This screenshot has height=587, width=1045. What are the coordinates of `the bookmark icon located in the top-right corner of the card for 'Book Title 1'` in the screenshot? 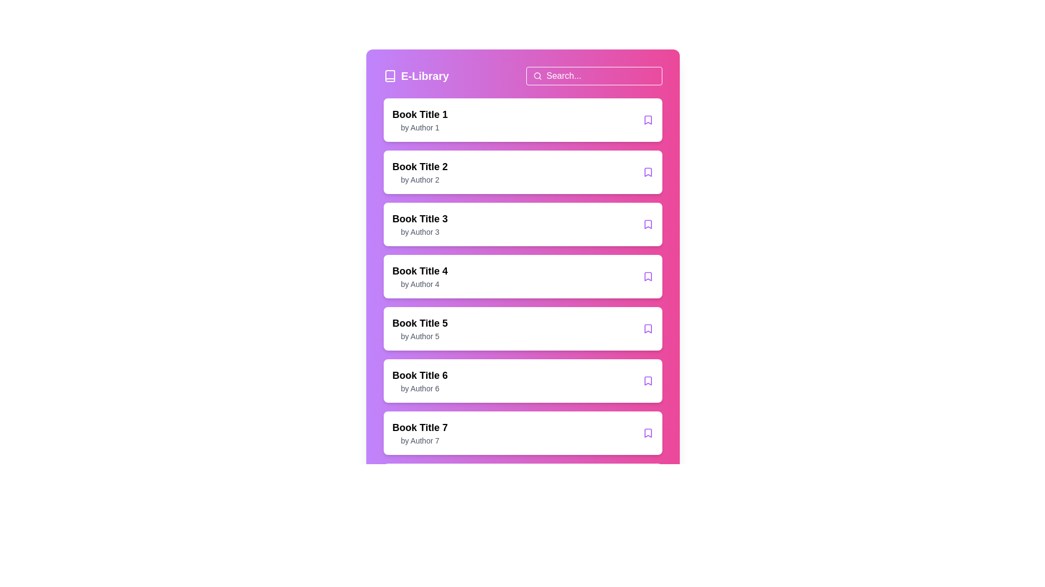 It's located at (648, 120).